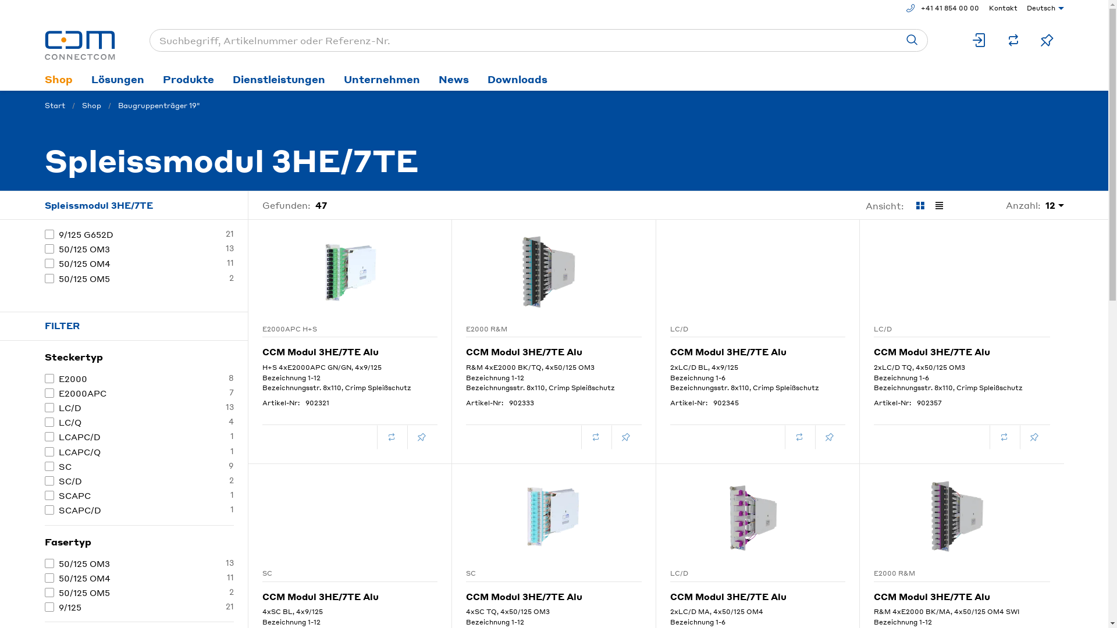  I want to click on 'Listenansicht', so click(939, 205).